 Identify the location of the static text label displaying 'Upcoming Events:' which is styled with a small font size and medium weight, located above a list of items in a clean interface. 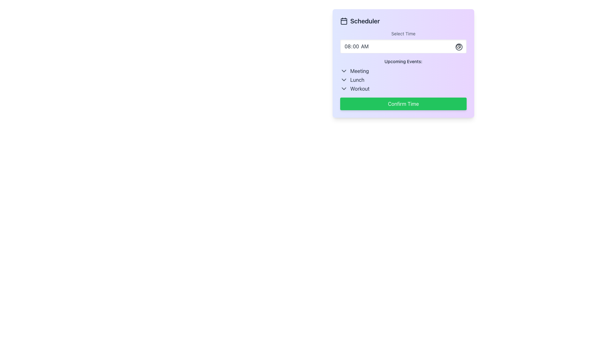
(403, 62).